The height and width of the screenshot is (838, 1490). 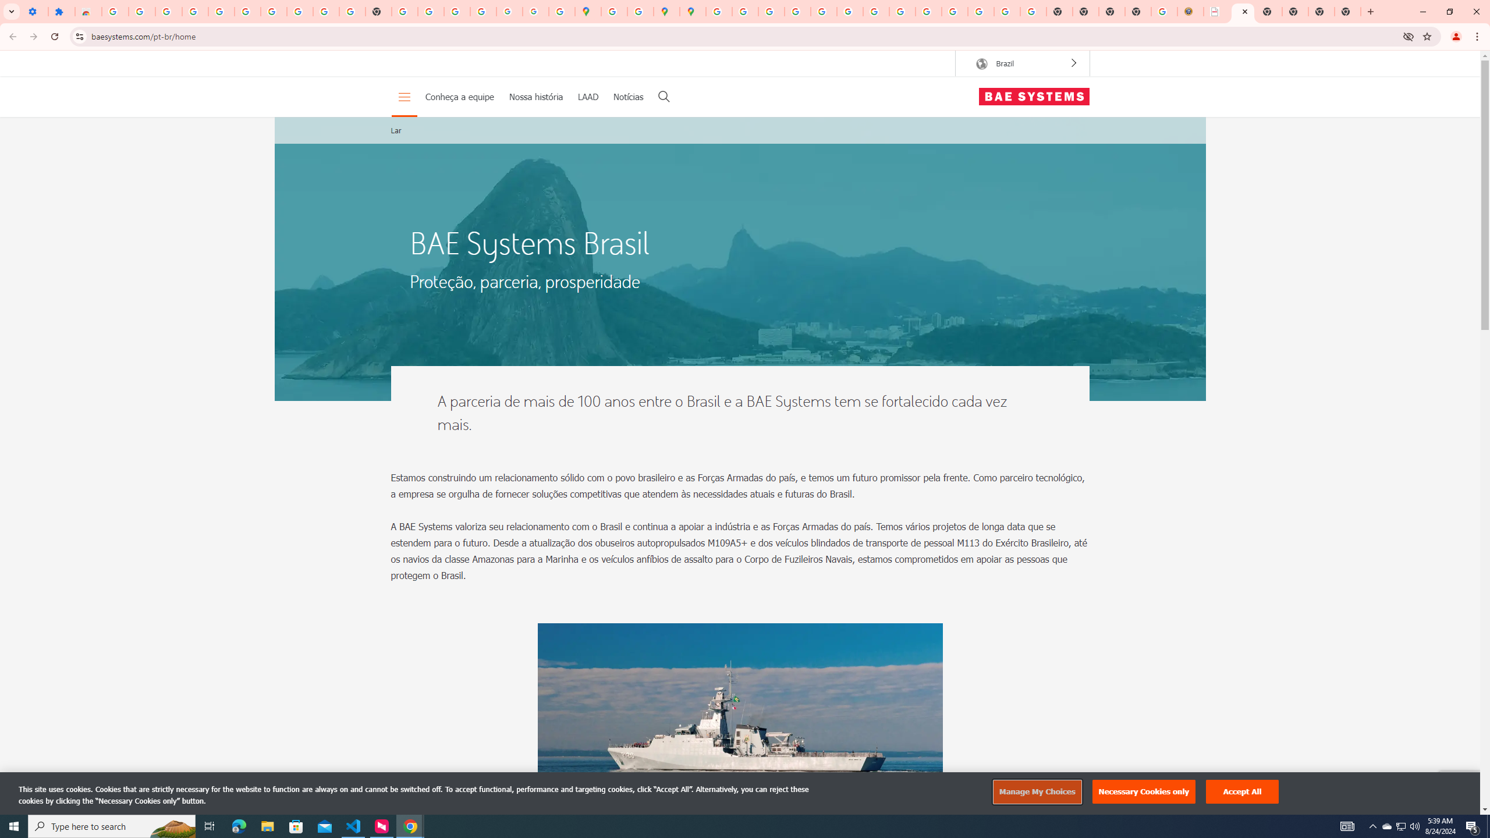 I want to click on 'Necessary Cookies only', so click(x=1144, y=791).